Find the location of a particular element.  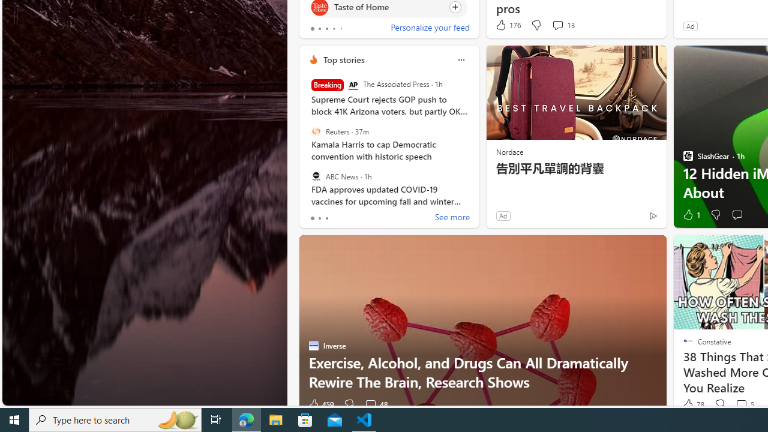

'View comments 5 Comment' is located at coordinates (743, 404).